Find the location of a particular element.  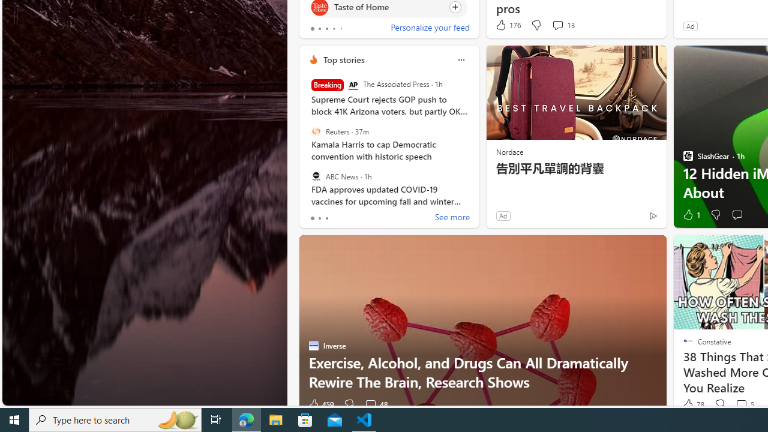

'View comments 5 Comment' is located at coordinates (743, 404).